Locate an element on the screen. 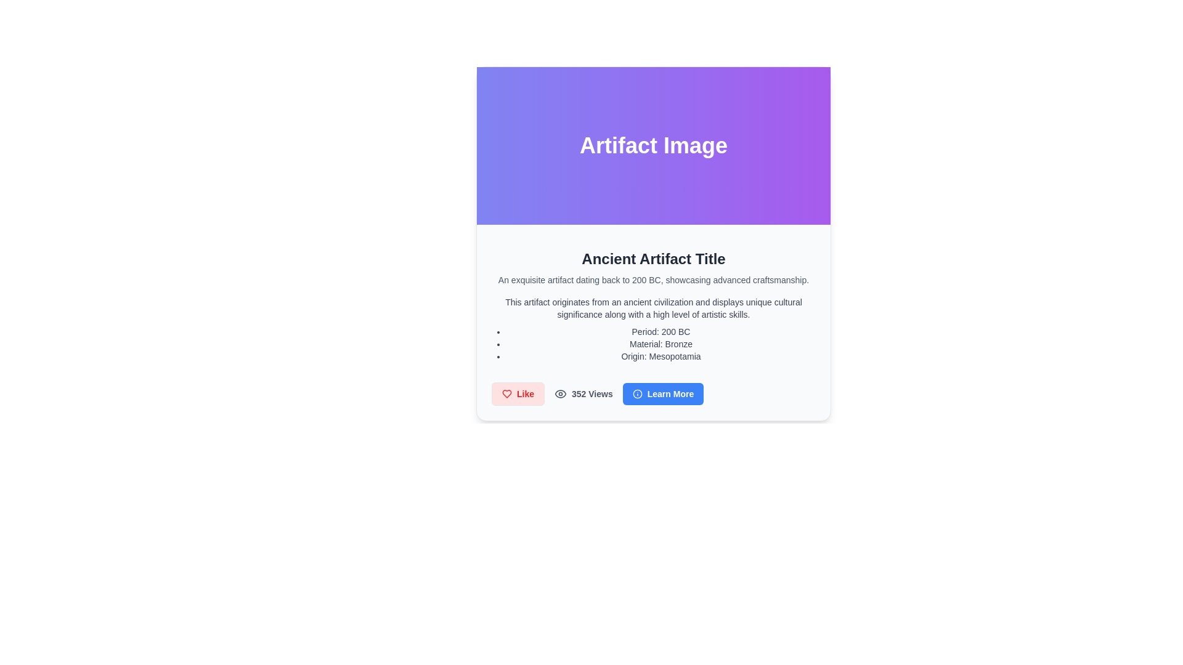  the label displaying '352 Views', which is styled with a gray, slightly bold font and located beside an eye-shaped icon is located at coordinates (592, 394).